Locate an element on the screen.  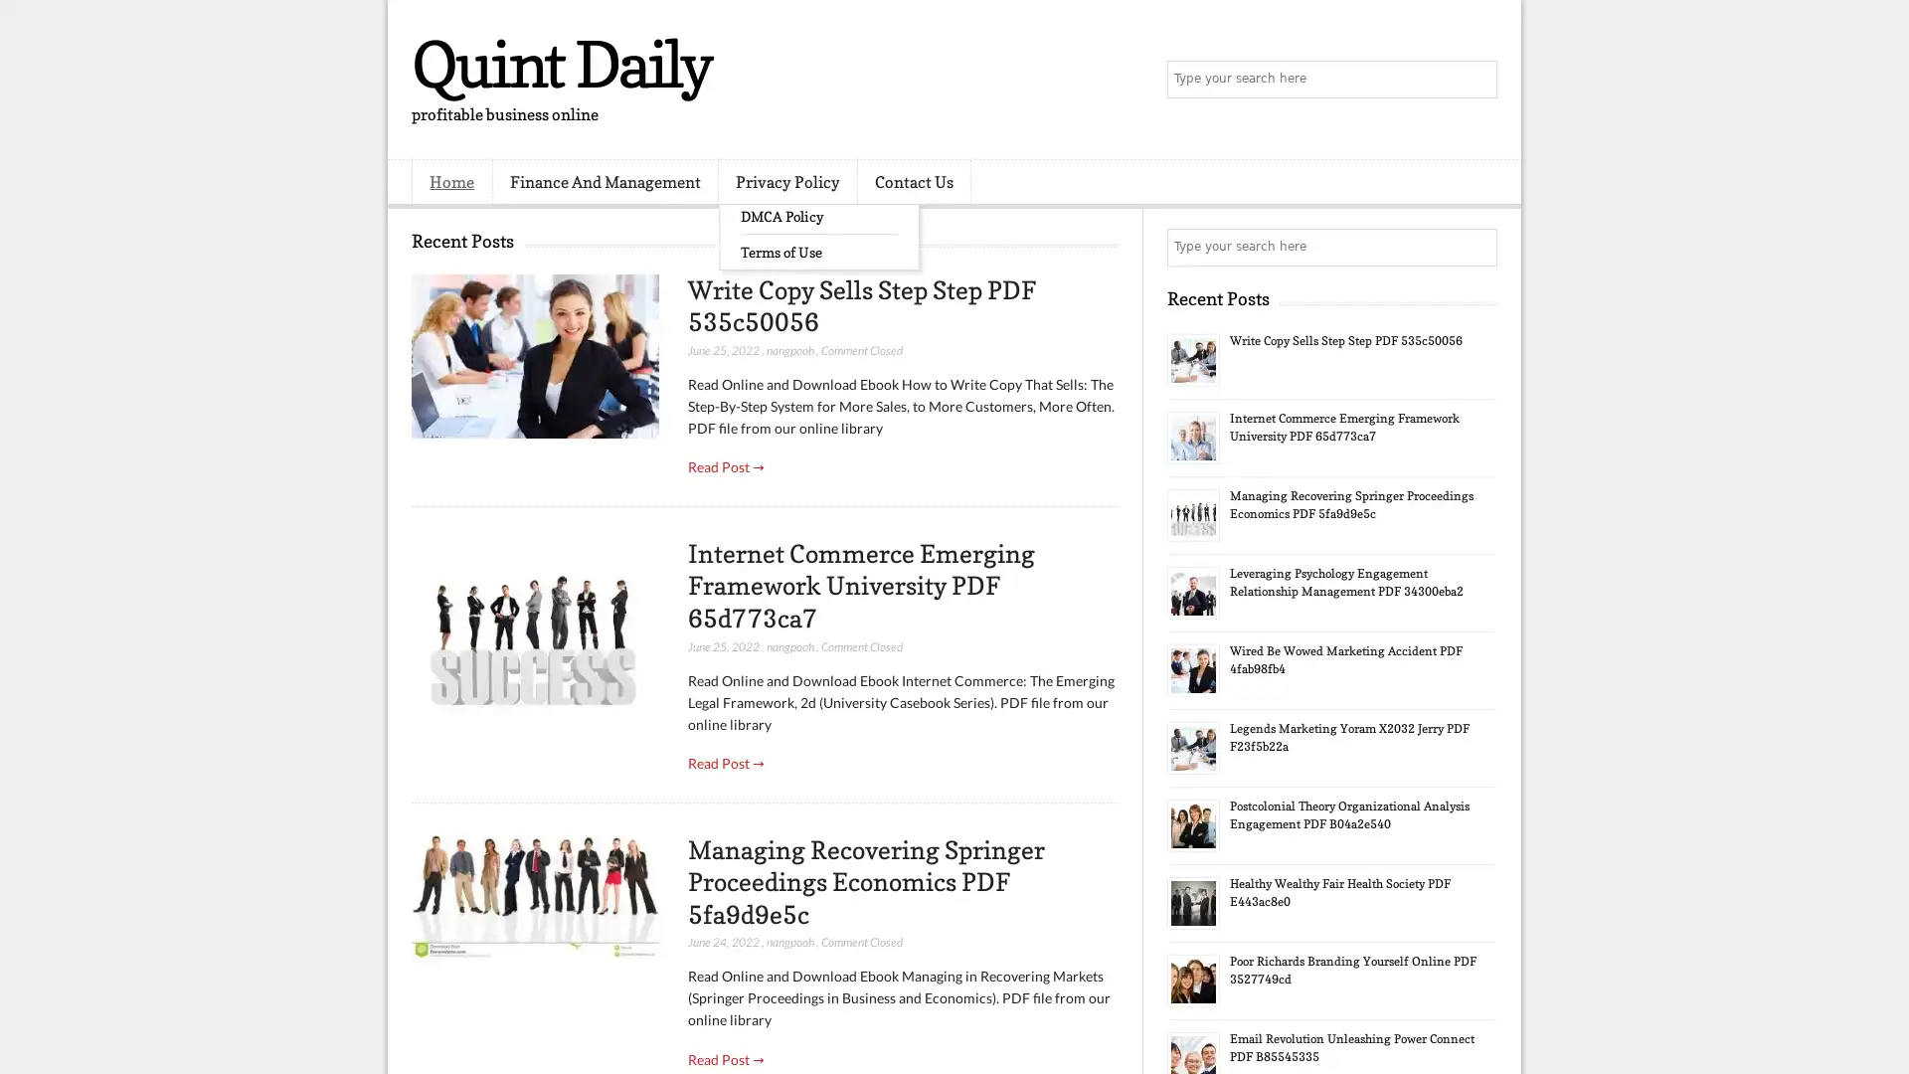
Search is located at coordinates (1476, 247).